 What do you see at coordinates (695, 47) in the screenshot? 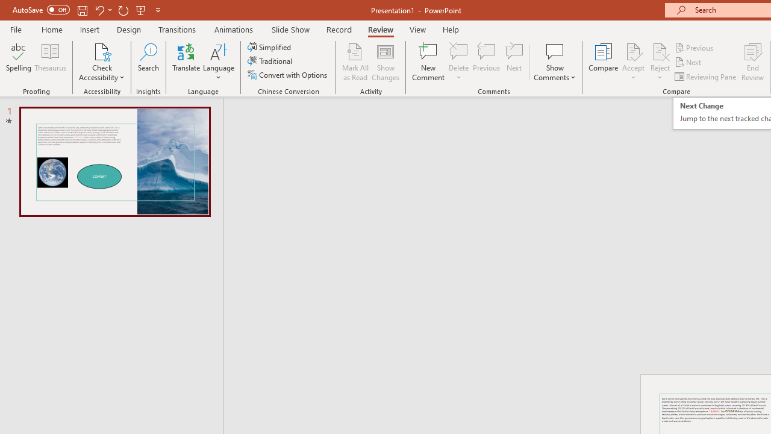
I see `'Previous'` at bounding box center [695, 47].